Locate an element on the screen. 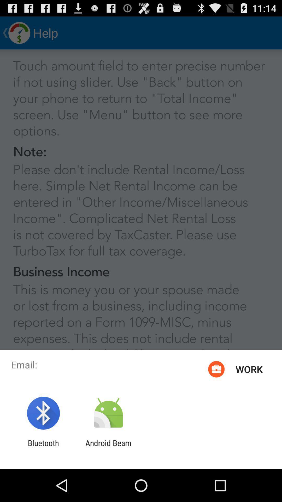  android beam icon is located at coordinates (108, 447).